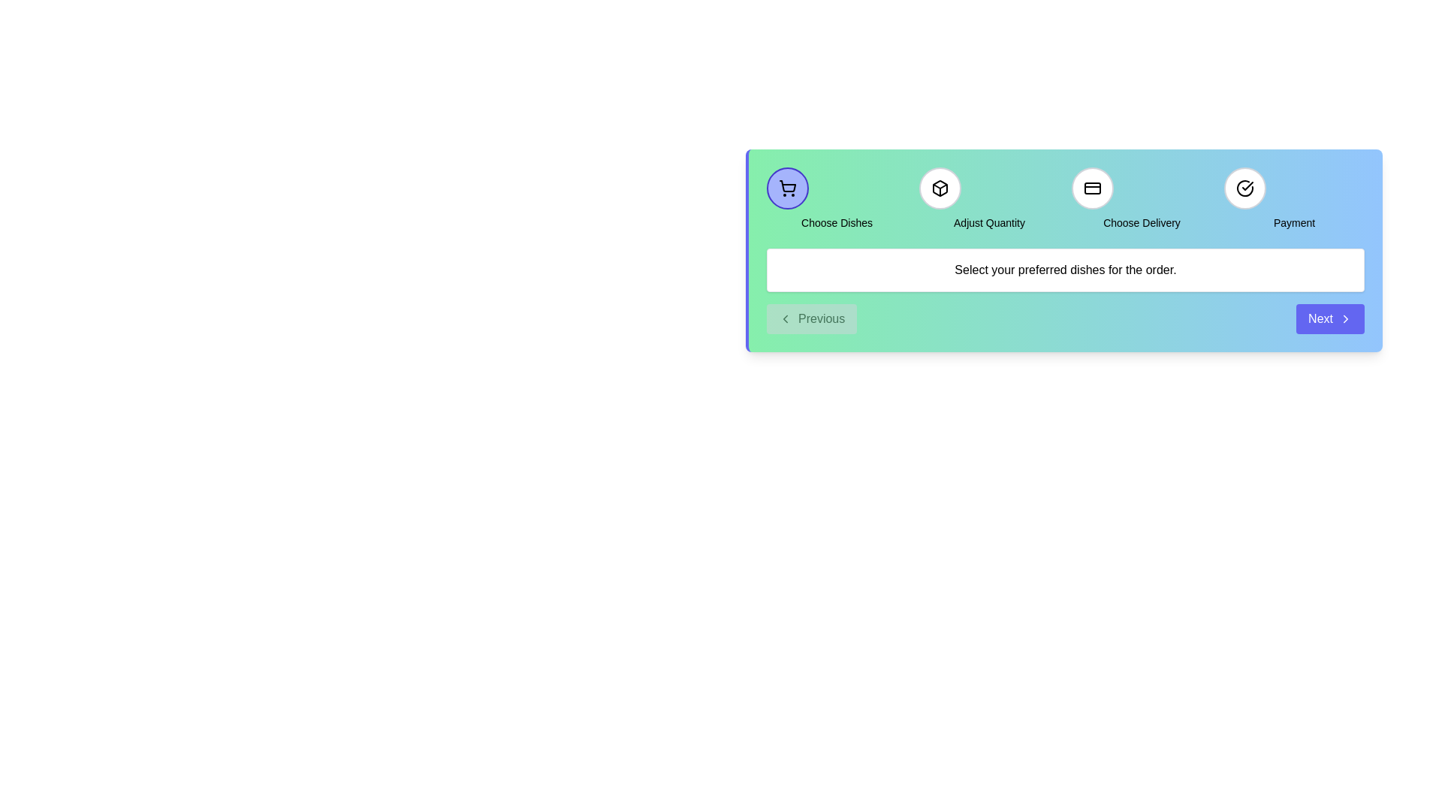 The width and height of the screenshot is (1442, 811). I want to click on the prominent rectangular button labeled 'Next' with a gradient blue background and a right-pointing chevron icon, so click(1330, 318).